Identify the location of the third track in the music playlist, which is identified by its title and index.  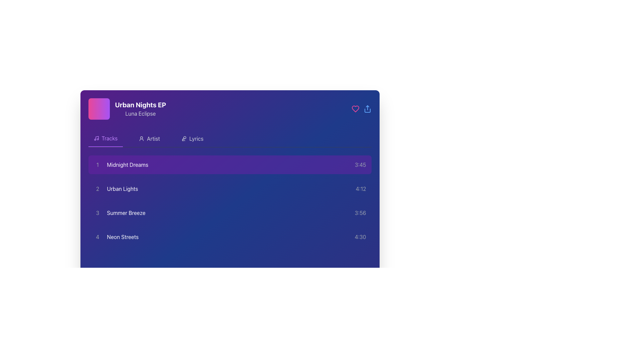
(120, 213).